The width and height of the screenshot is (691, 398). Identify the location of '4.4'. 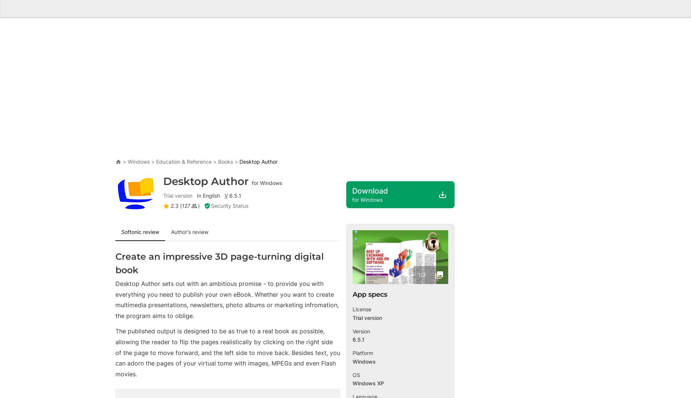
(395, 24).